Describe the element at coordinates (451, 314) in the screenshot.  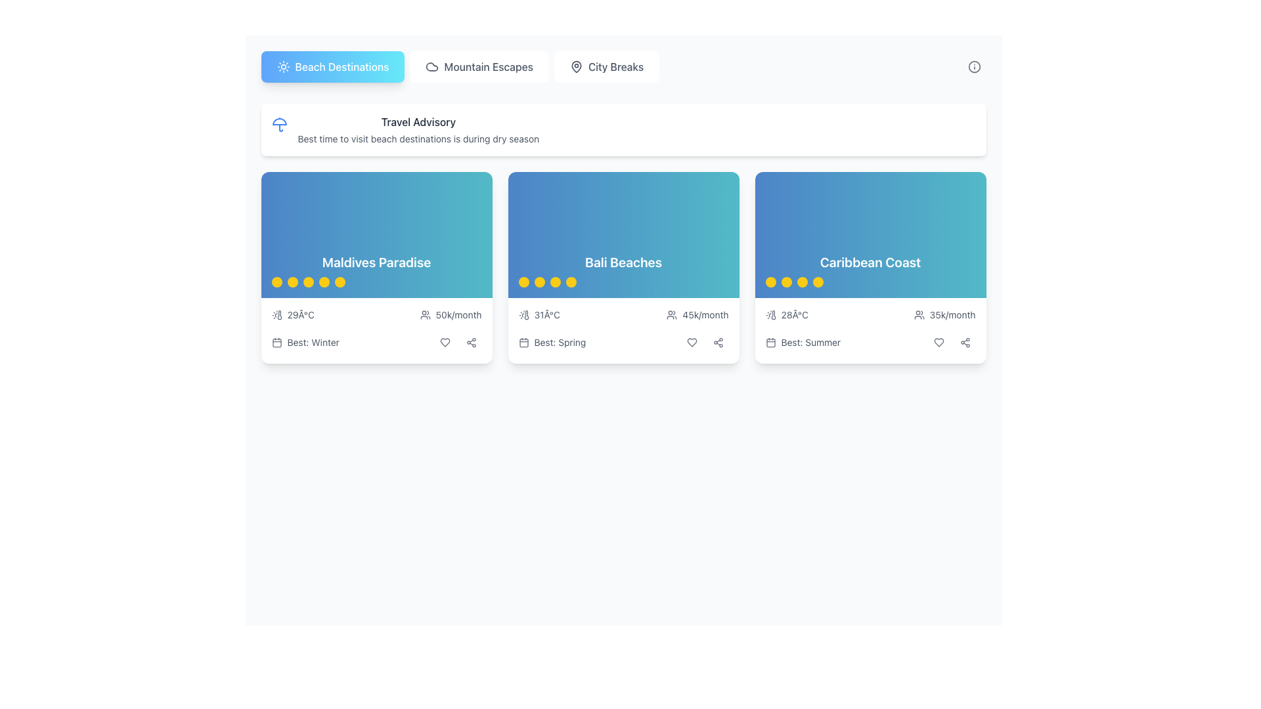
I see `text label indicating the monthly associated visitor count (50k) in the 'Maldives Paradise' card, located under the temperature indication (29°C) and above the recommendation text ('Best: Winter')` at that location.